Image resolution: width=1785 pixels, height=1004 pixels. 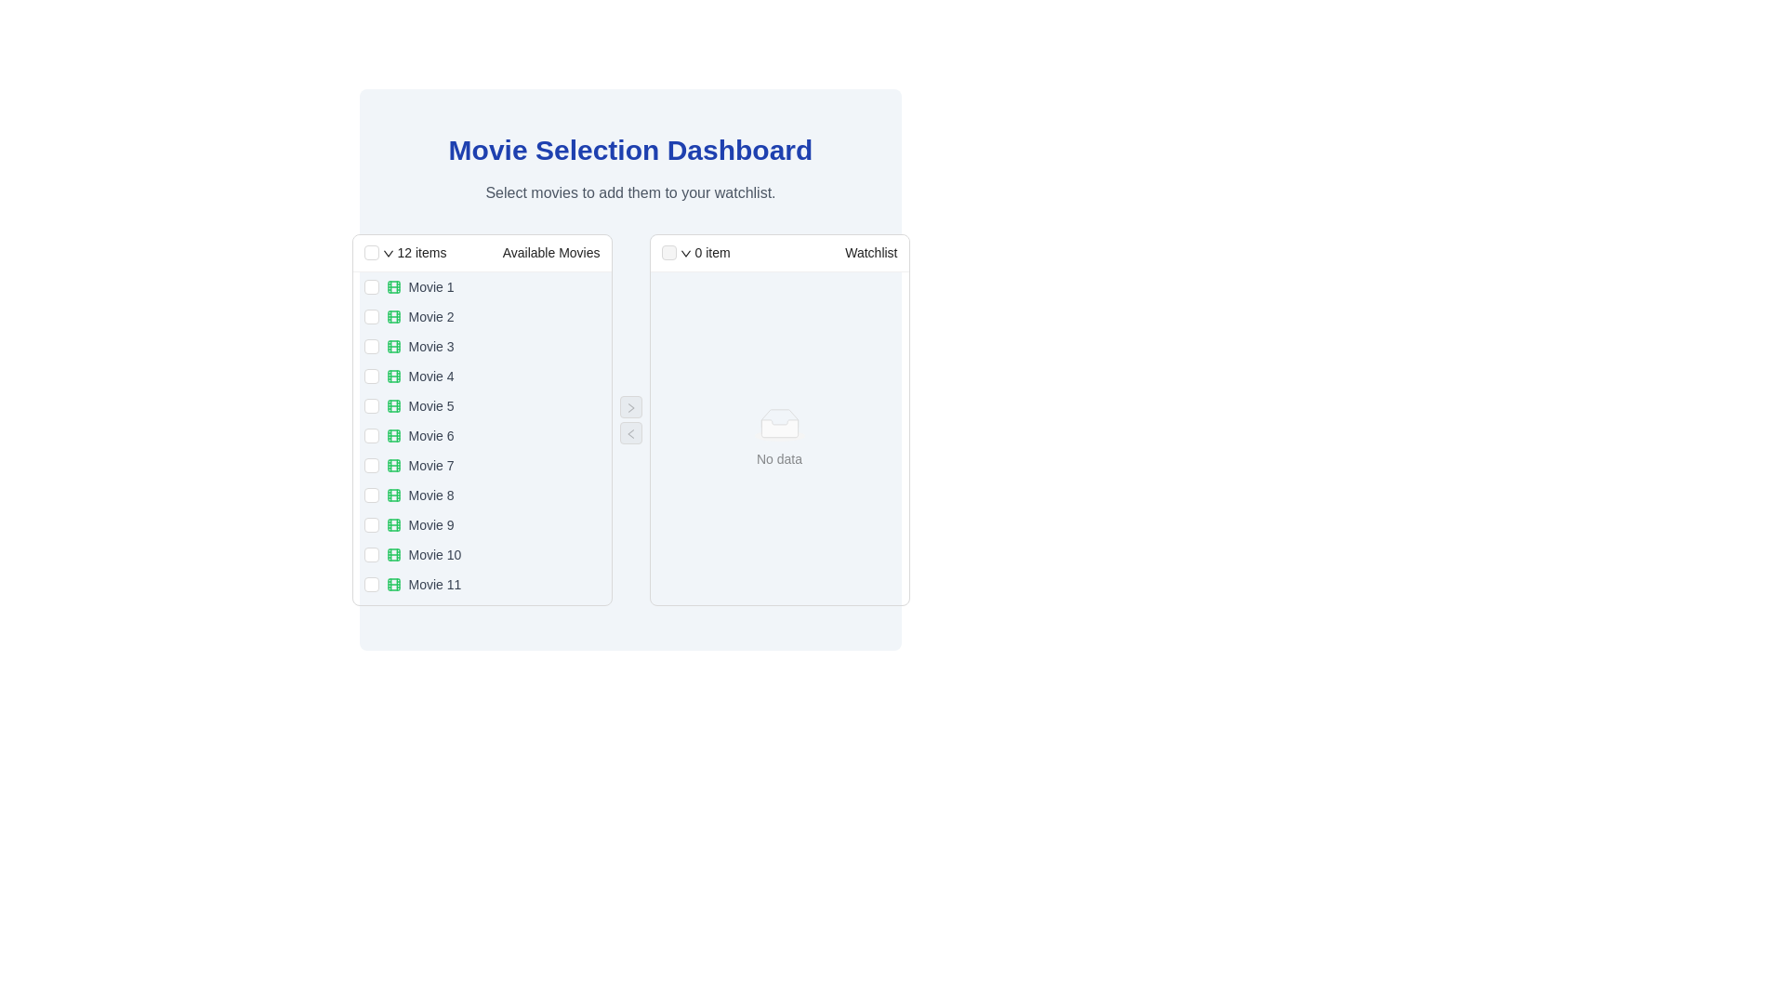 What do you see at coordinates (430, 347) in the screenshot?
I see `the text label displaying 'Movie 3', which is the third item in the 'Available Movies' list, positioned next to a green icon` at bounding box center [430, 347].